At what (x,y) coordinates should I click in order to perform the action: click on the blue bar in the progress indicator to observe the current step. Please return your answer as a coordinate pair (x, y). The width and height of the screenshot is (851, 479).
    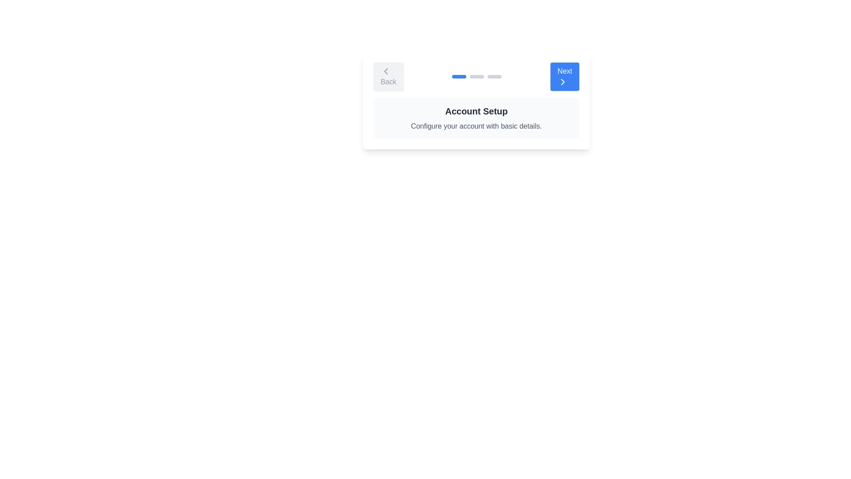
    Looking at the image, I should click on (459, 76).